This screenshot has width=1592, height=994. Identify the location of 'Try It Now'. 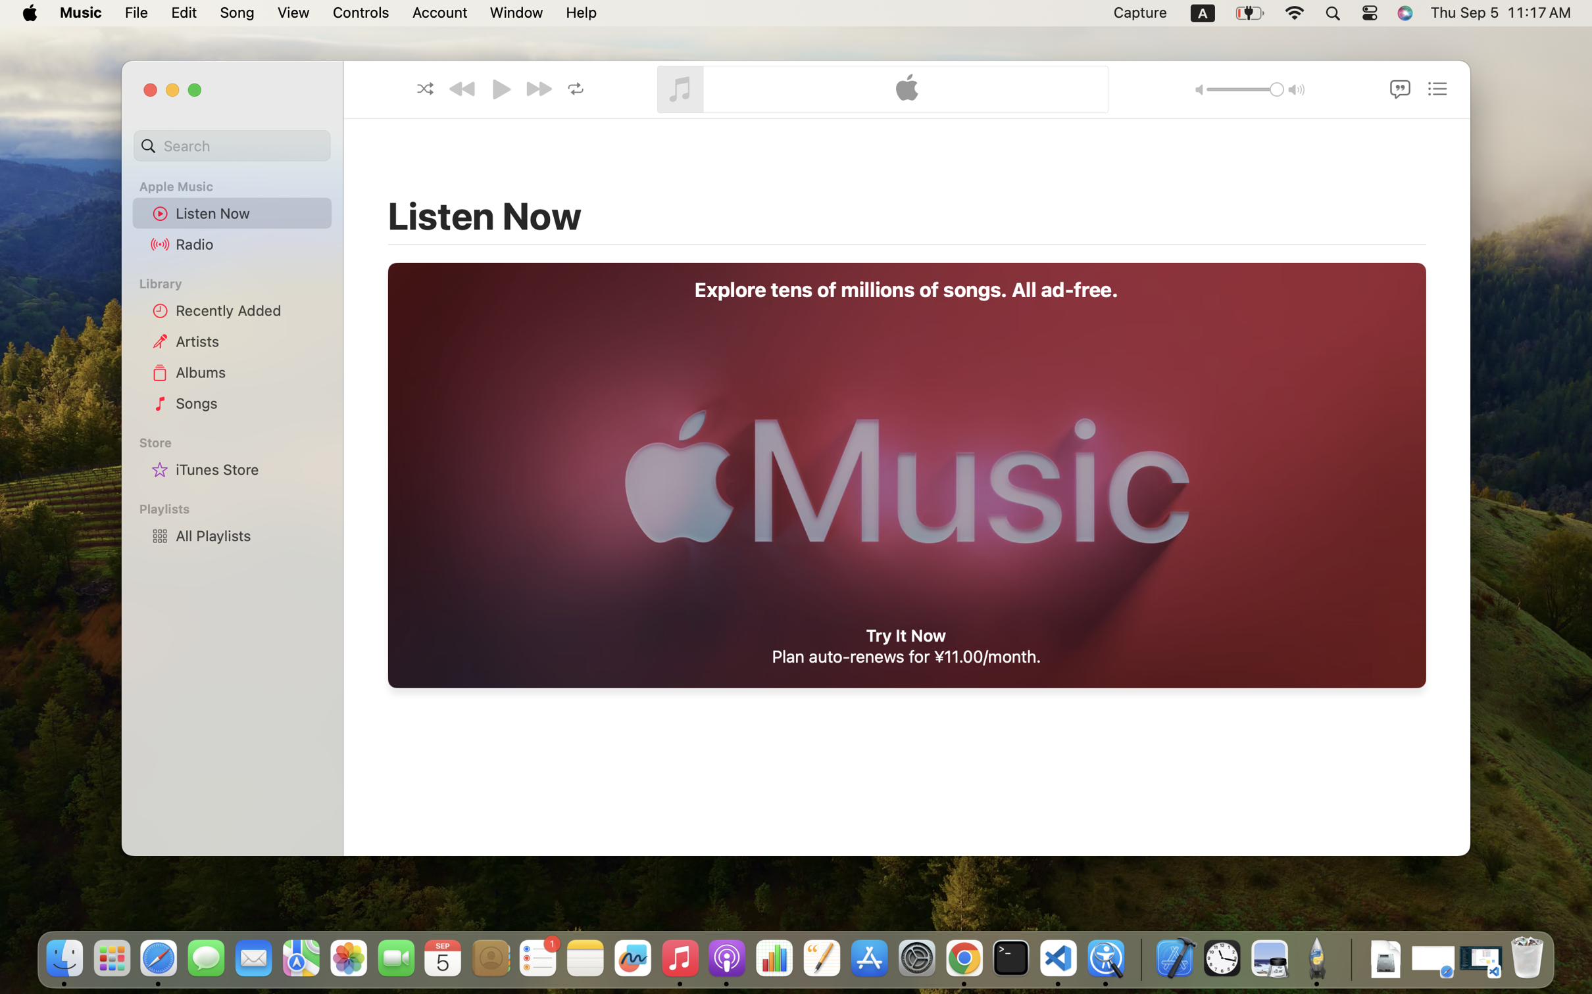
(905, 634).